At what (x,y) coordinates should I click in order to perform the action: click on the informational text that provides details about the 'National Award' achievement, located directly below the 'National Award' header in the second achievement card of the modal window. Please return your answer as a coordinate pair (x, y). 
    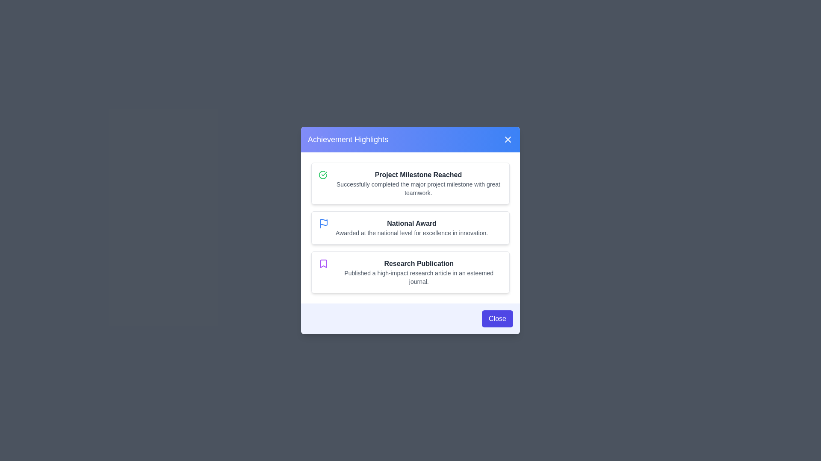
    Looking at the image, I should click on (412, 233).